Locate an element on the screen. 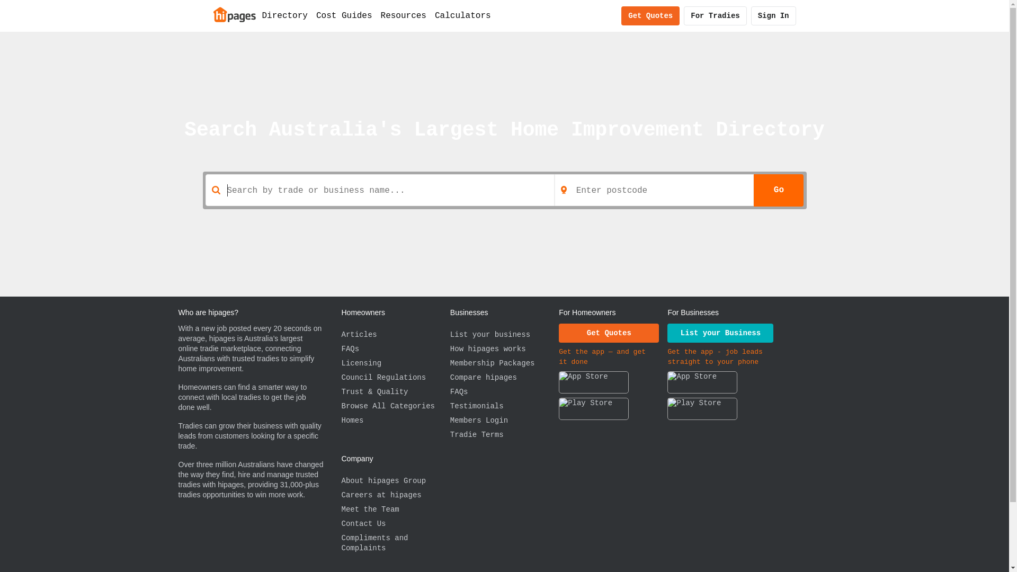 The image size is (1017, 572). 'Licensing' is located at coordinates (395, 363).